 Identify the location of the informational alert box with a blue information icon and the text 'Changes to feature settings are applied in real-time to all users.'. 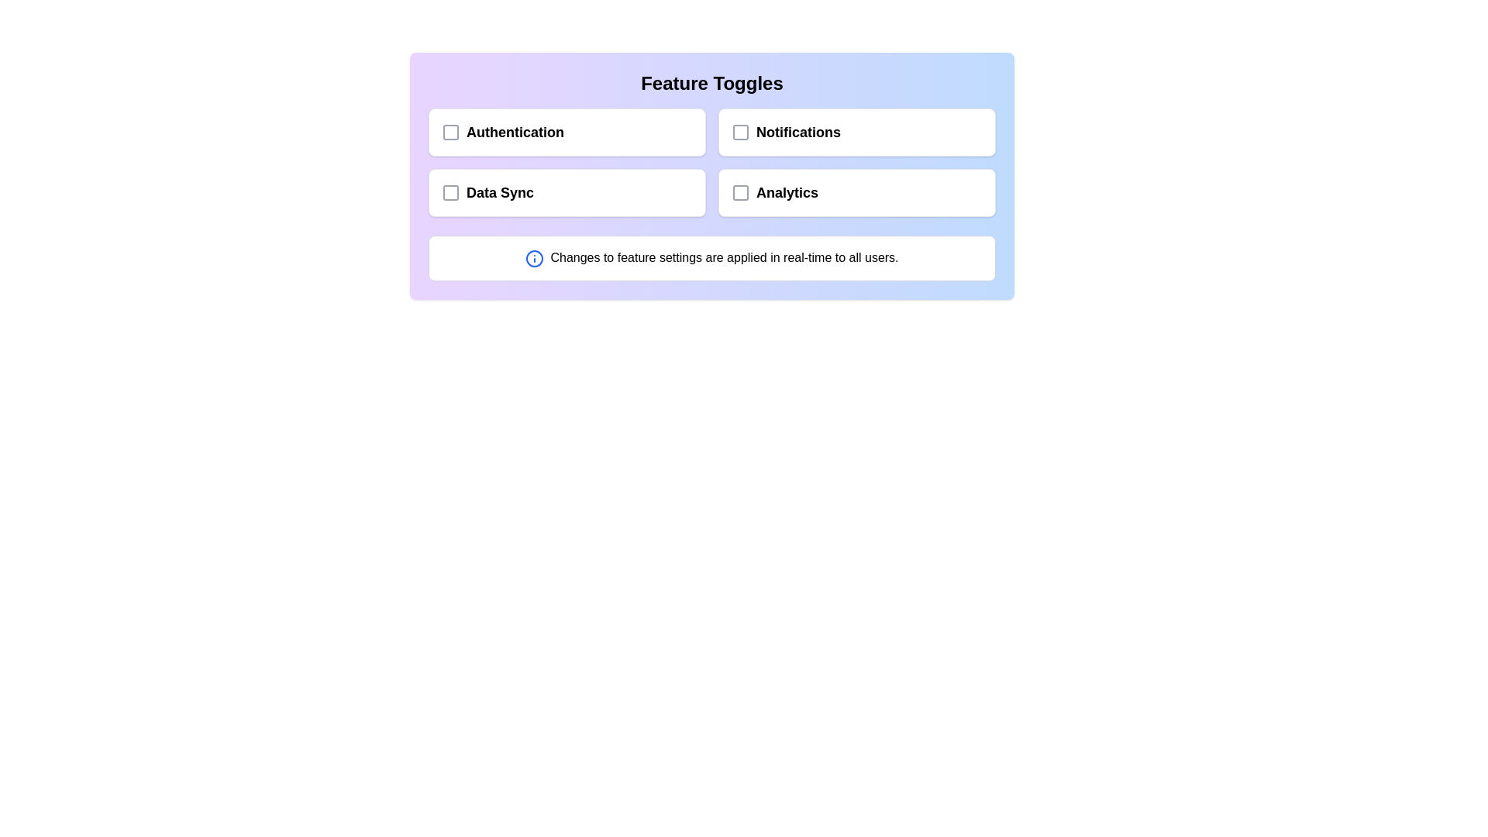
(711, 257).